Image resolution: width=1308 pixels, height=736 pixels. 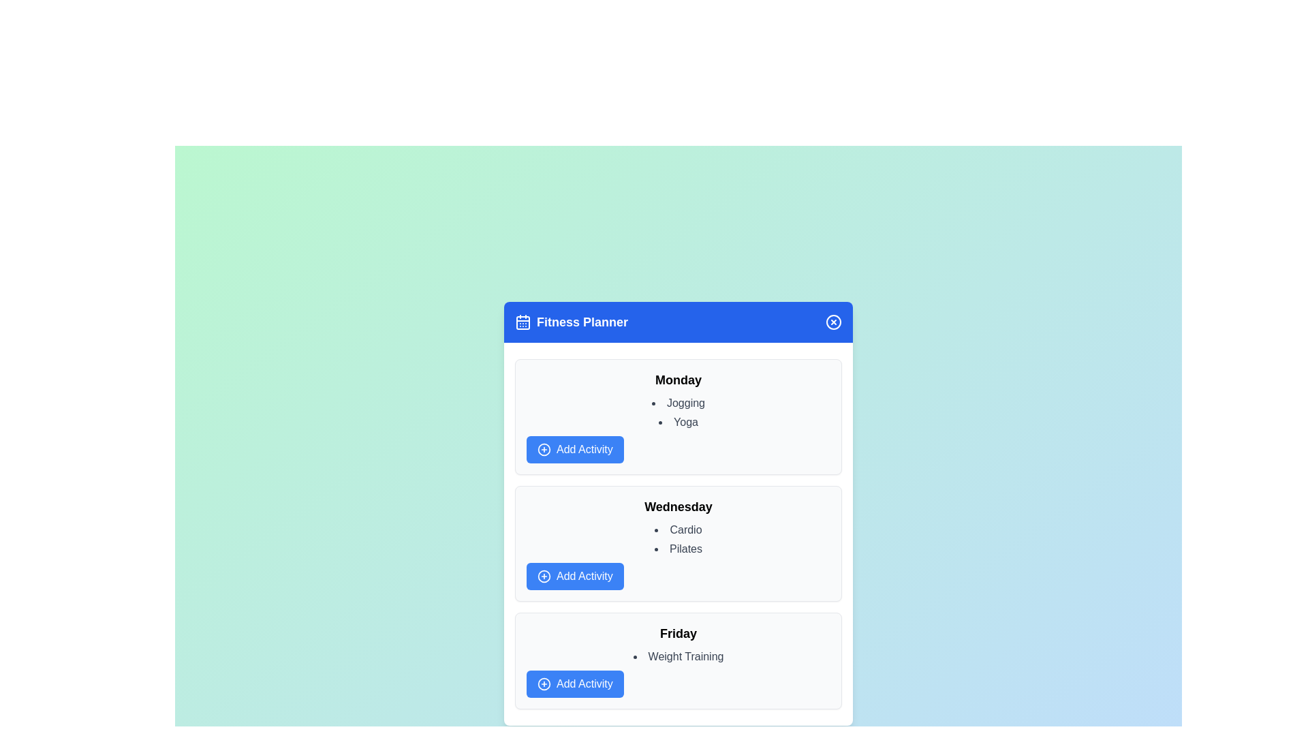 What do you see at coordinates (833, 322) in the screenshot?
I see `the close button to close the dialog` at bounding box center [833, 322].